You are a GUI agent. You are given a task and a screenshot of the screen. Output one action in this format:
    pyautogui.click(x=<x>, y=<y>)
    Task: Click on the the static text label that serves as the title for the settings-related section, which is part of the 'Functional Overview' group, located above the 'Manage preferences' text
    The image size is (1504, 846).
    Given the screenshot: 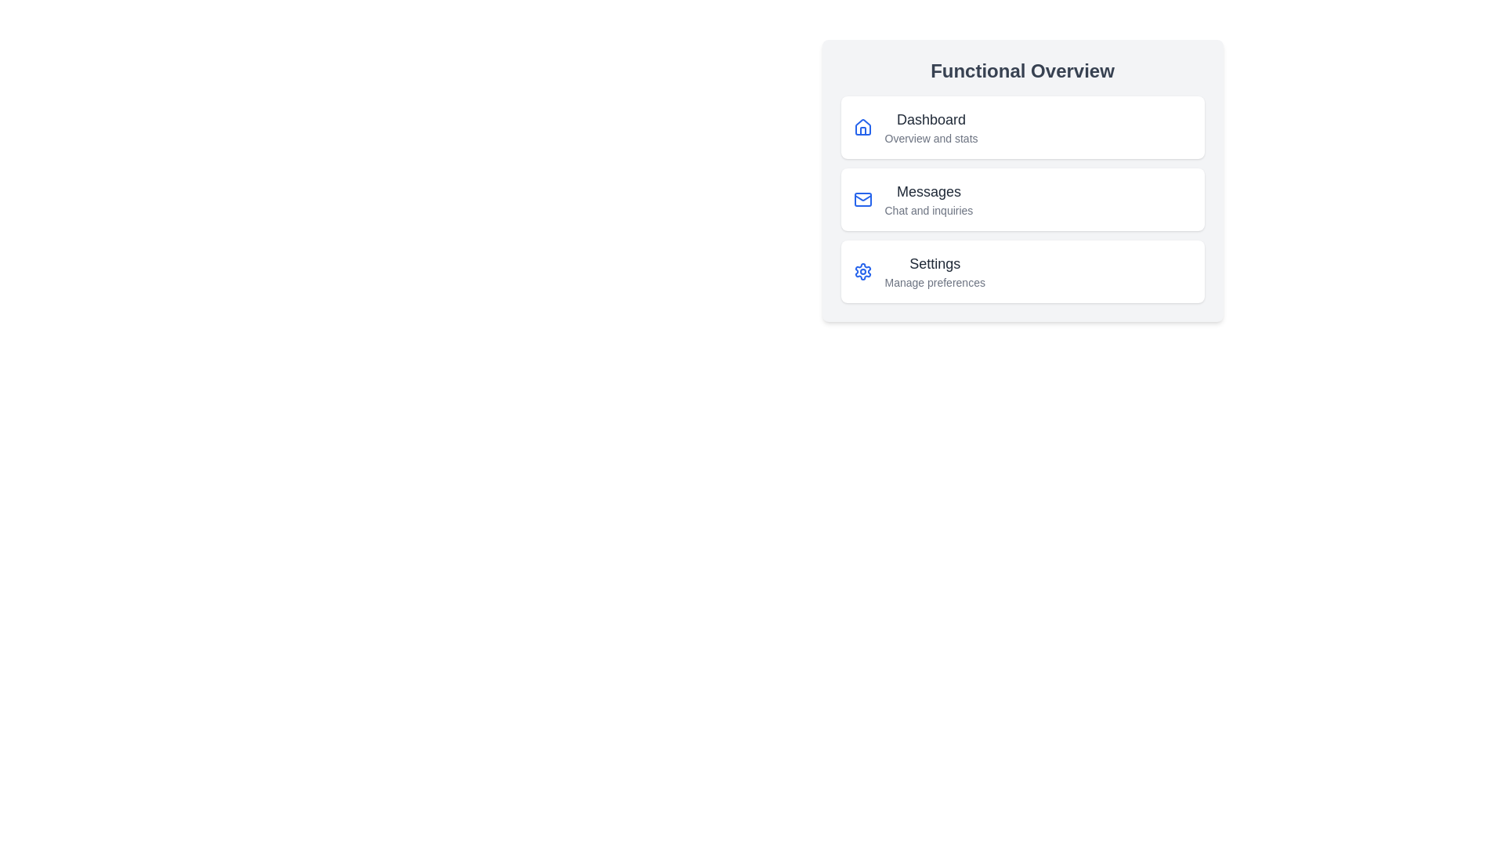 What is the action you would take?
    pyautogui.click(x=935, y=262)
    